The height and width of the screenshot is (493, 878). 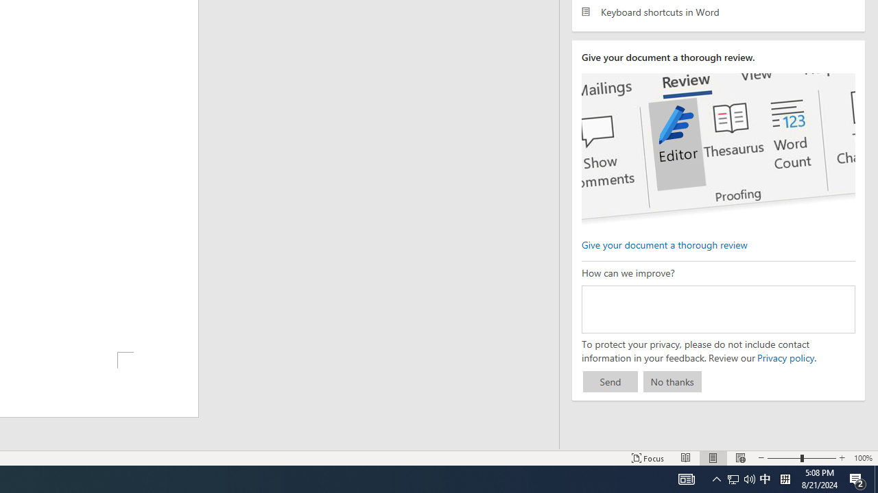 What do you see at coordinates (841, 458) in the screenshot?
I see `'Zoom In'` at bounding box center [841, 458].